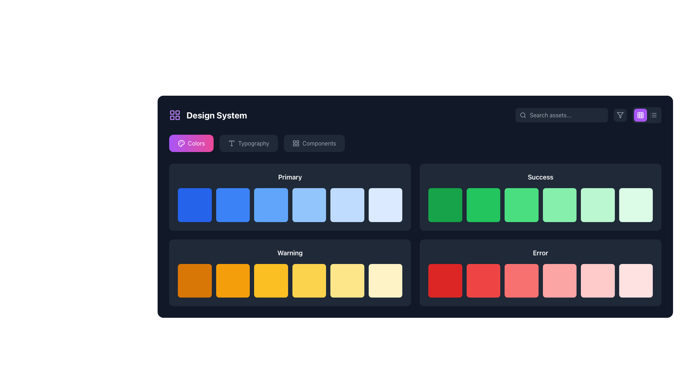  I want to click on the graphical icon associated with the primary circular part of the palette-shaped SVG icon located near the top-left corner of the interface, to the left of the text 'Design System', so click(181, 143).